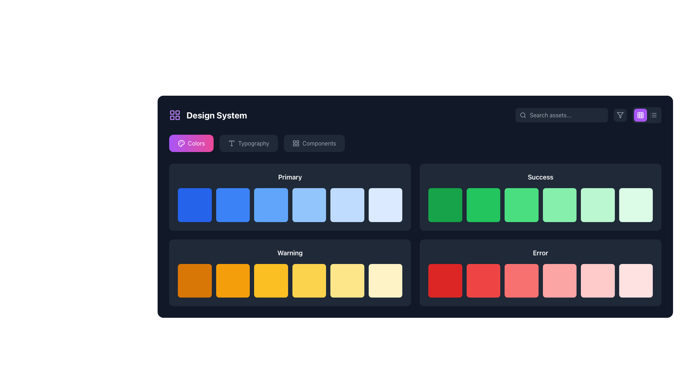  I want to click on the graphical icon associated with the primary circular part of the palette-shaped SVG icon located near the top-left corner of the interface, to the left of the text 'Design System', so click(181, 143).